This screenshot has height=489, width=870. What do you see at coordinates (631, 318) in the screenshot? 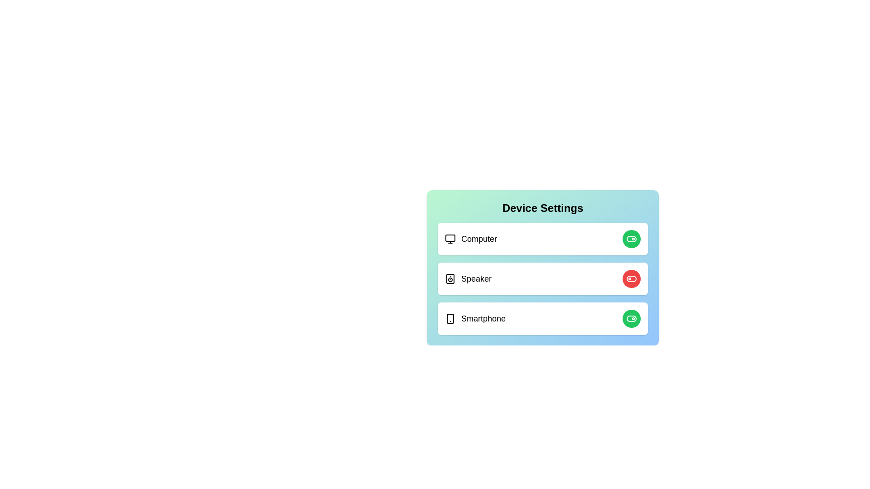
I see `toggle button for the Smartphone device to change its state` at bounding box center [631, 318].